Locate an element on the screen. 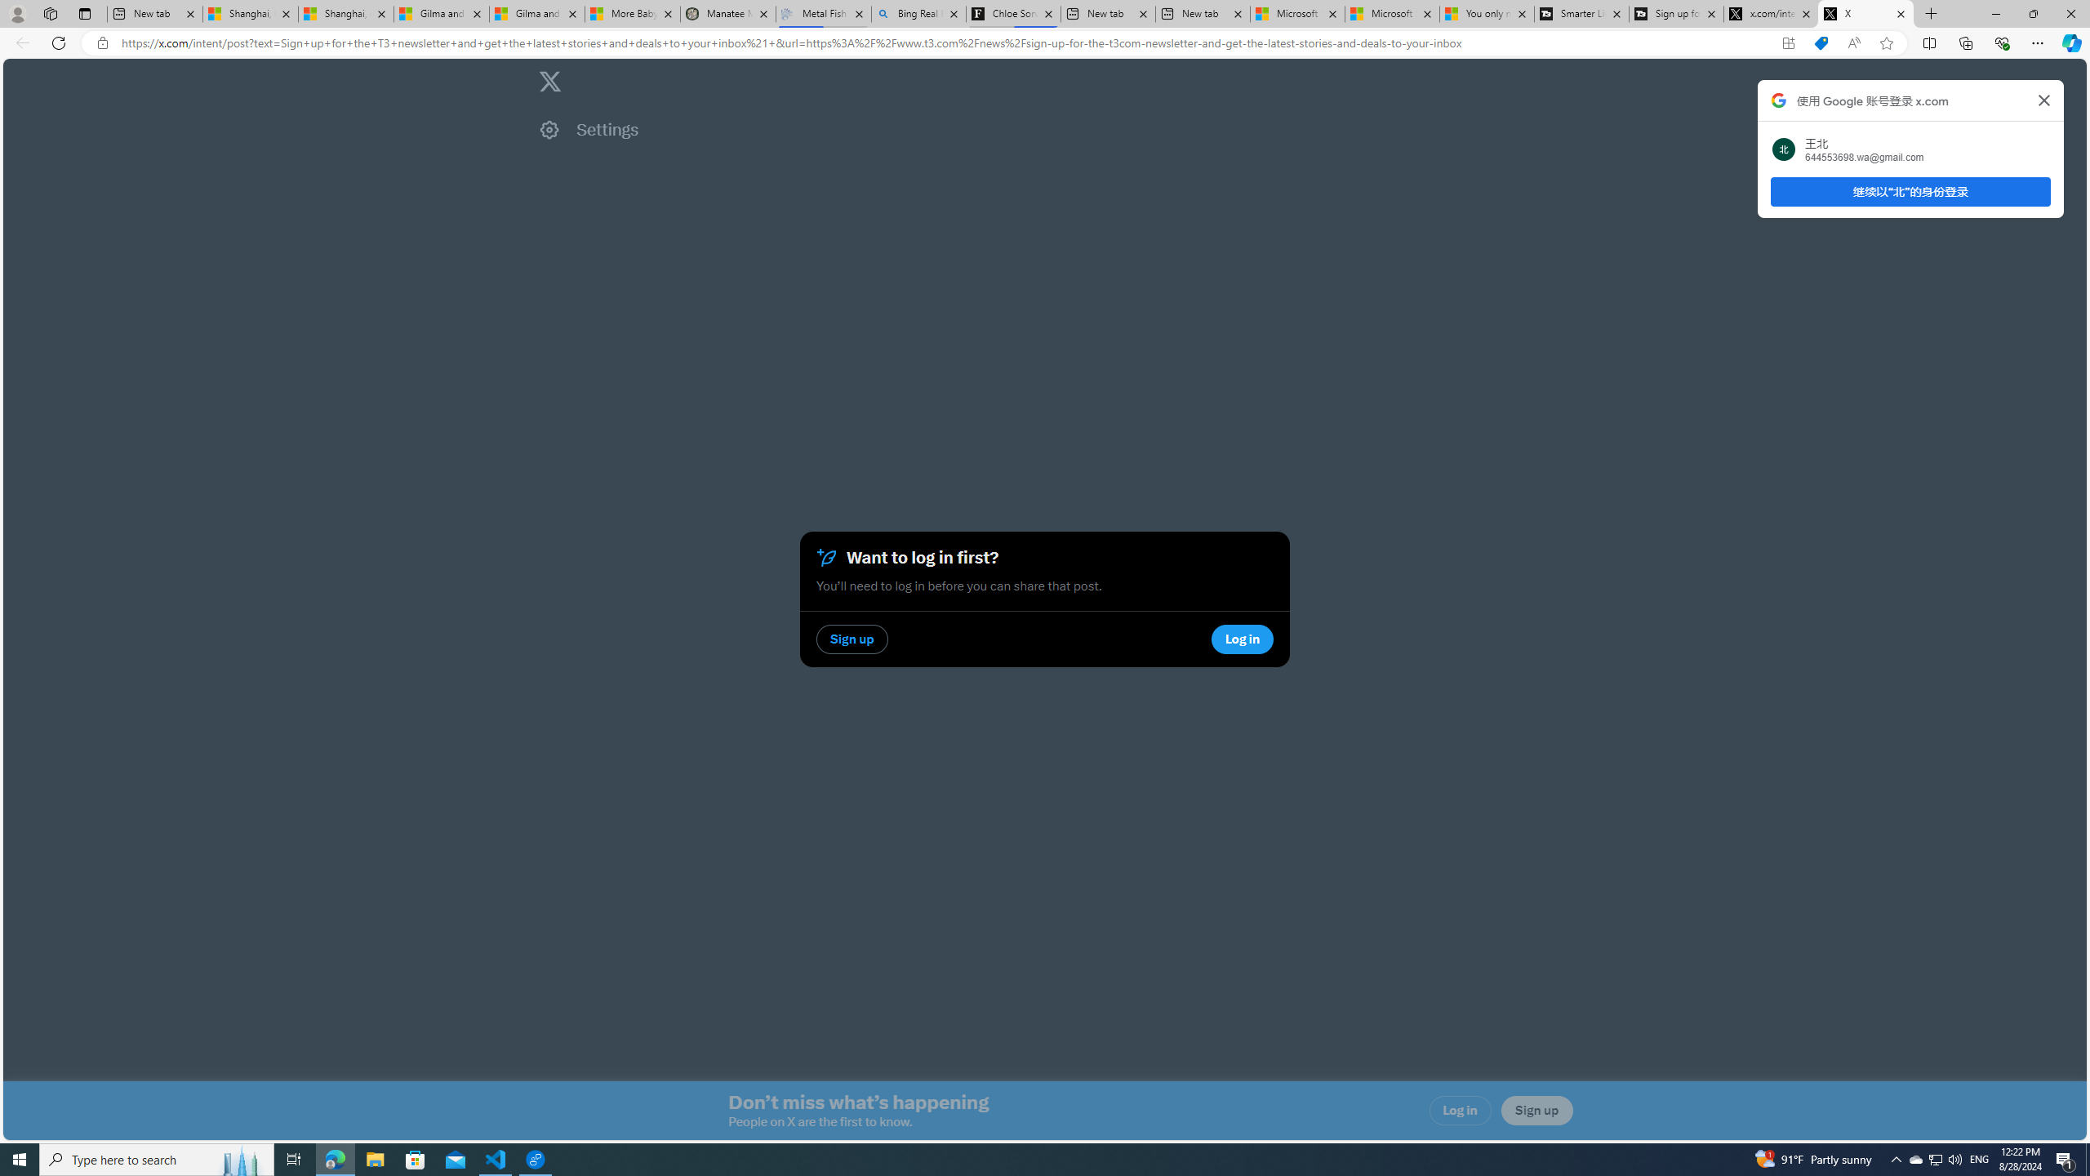  'Bing Real Estate - Home sales and rental listings' is located at coordinates (918, 13).